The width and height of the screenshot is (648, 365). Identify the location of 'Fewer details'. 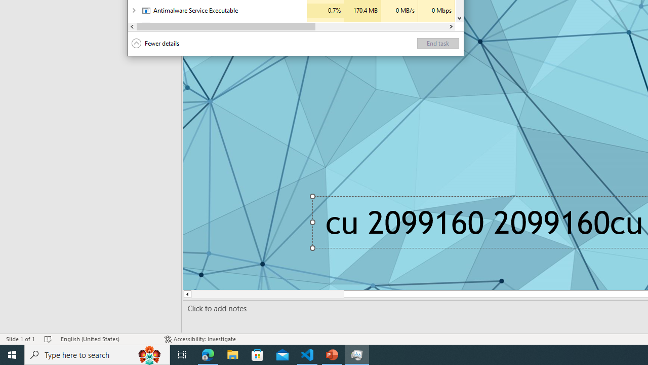
(155, 43).